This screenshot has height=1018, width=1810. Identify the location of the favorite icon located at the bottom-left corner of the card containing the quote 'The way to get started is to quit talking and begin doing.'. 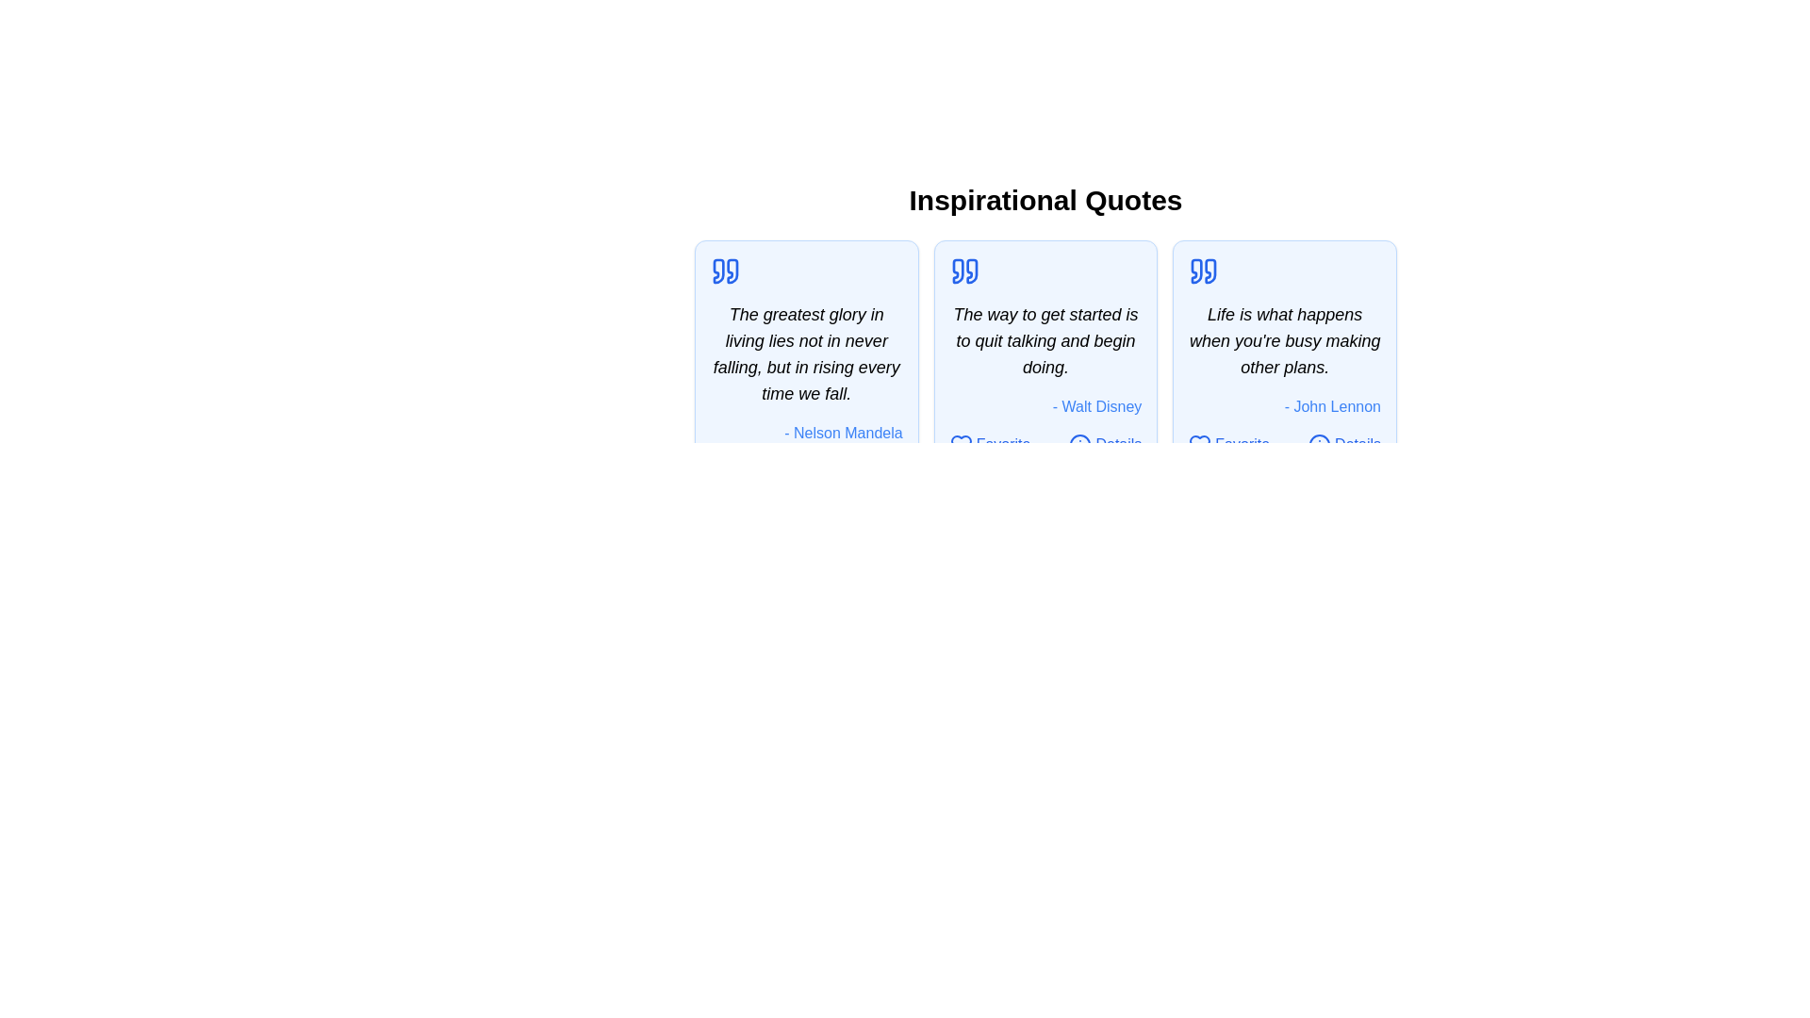
(961, 444).